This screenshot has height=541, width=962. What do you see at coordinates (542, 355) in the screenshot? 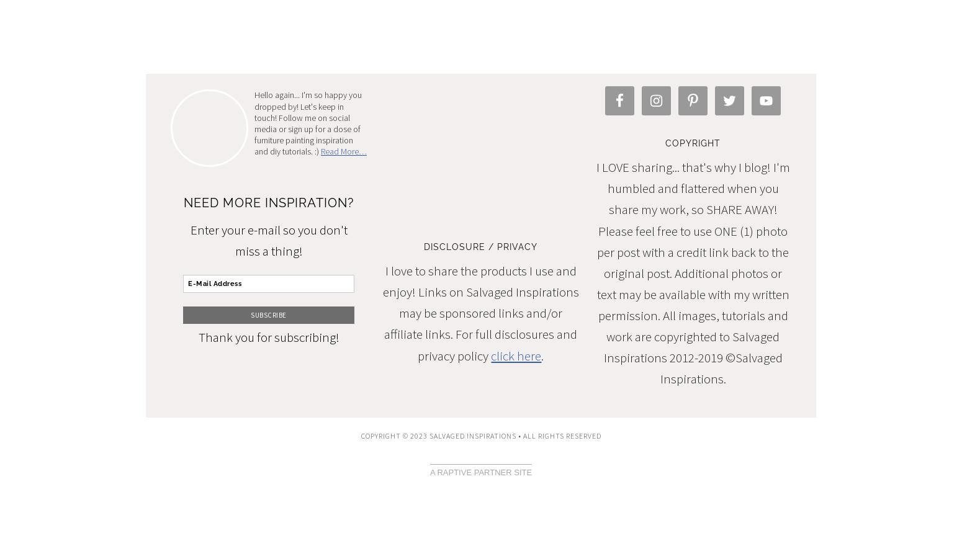
I see `'.'` at bounding box center [542, 355].